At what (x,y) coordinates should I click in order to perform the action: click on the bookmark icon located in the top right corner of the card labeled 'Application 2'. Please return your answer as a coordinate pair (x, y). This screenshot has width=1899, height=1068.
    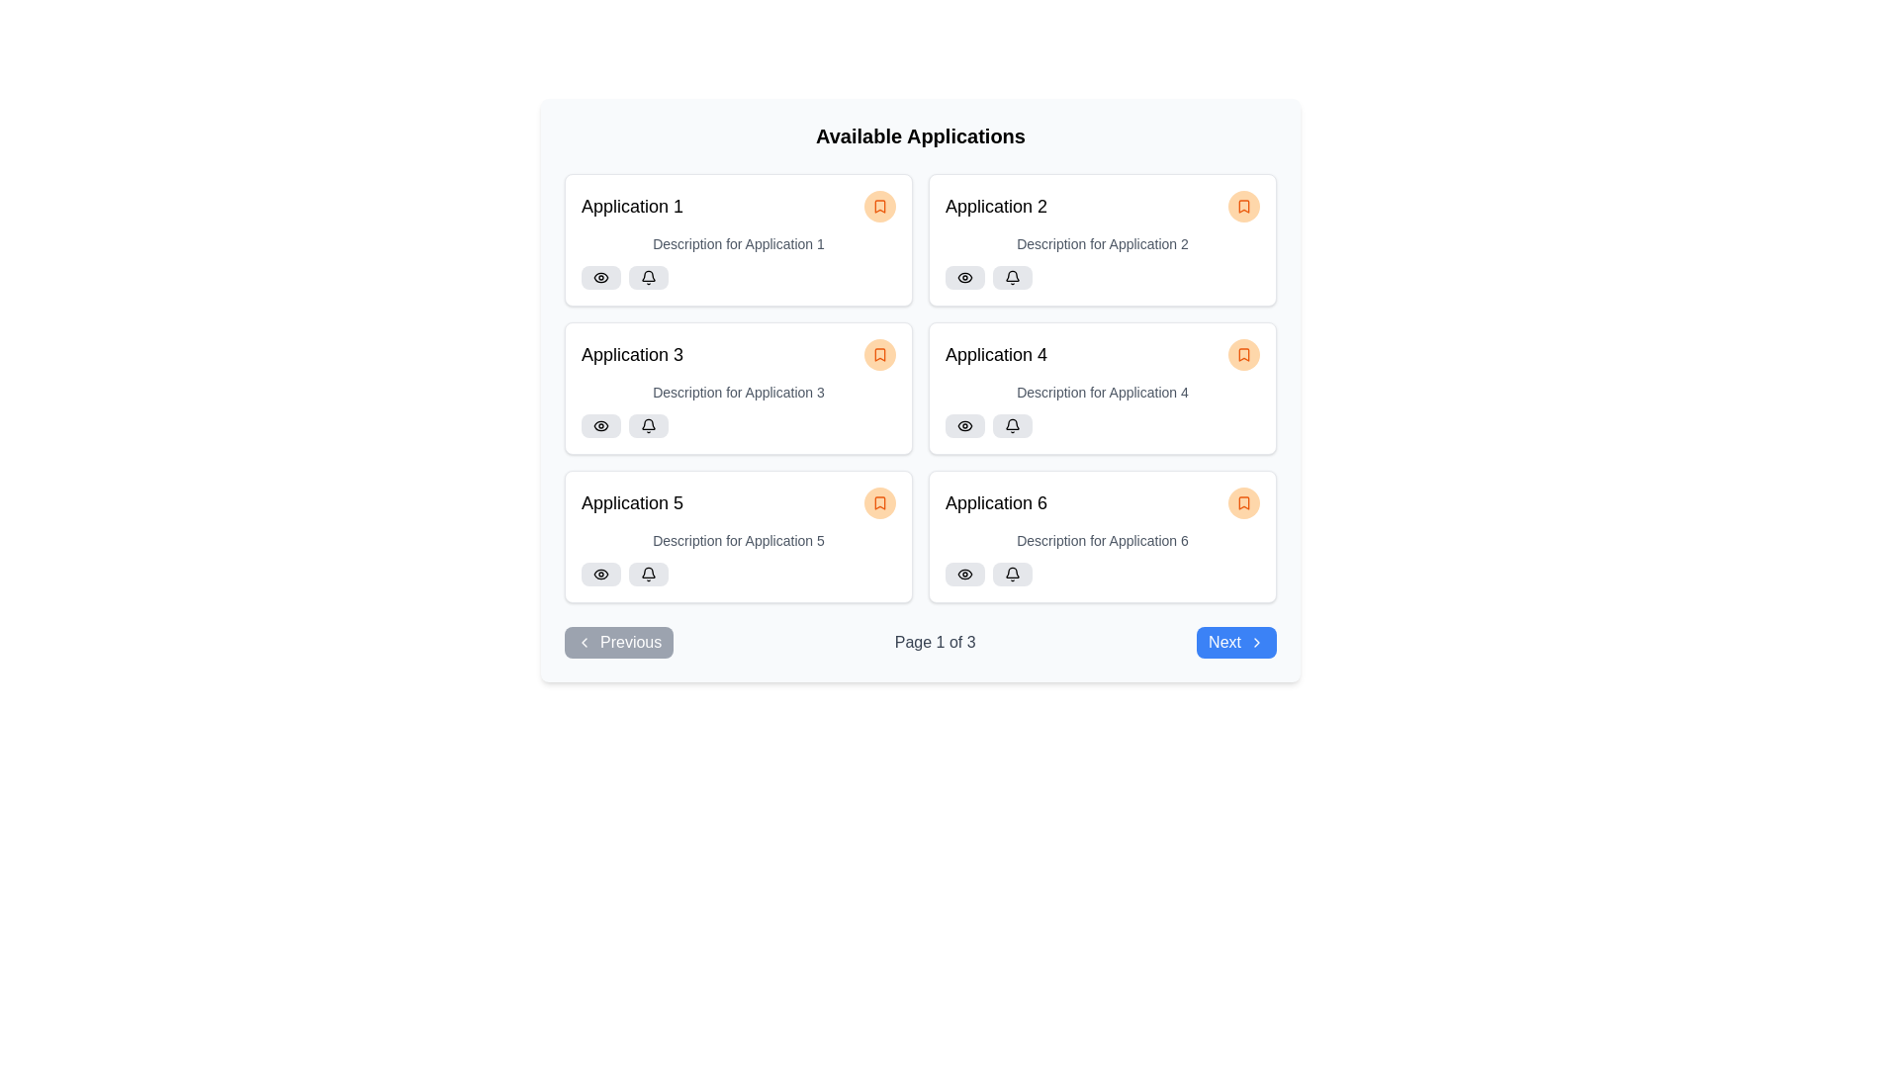
    Looking at the image, I should click on (1242, 206).